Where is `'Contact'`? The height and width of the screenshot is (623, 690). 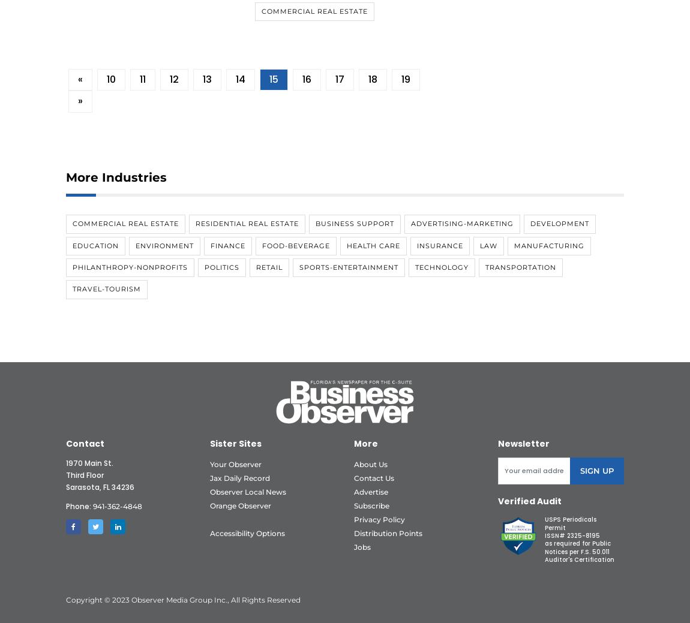 'Contact' is located at coordinates (85, 443).